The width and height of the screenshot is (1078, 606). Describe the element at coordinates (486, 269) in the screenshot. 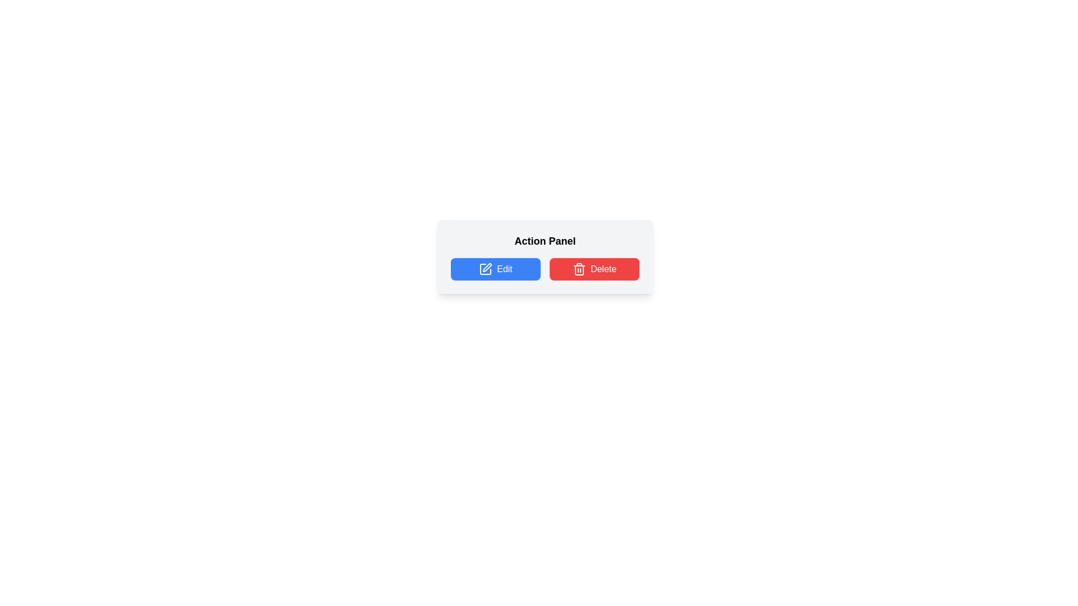

I see `the graphical icon representing an edit tool within the blue button, which is positioned to the left of a row of buttons` at that location.